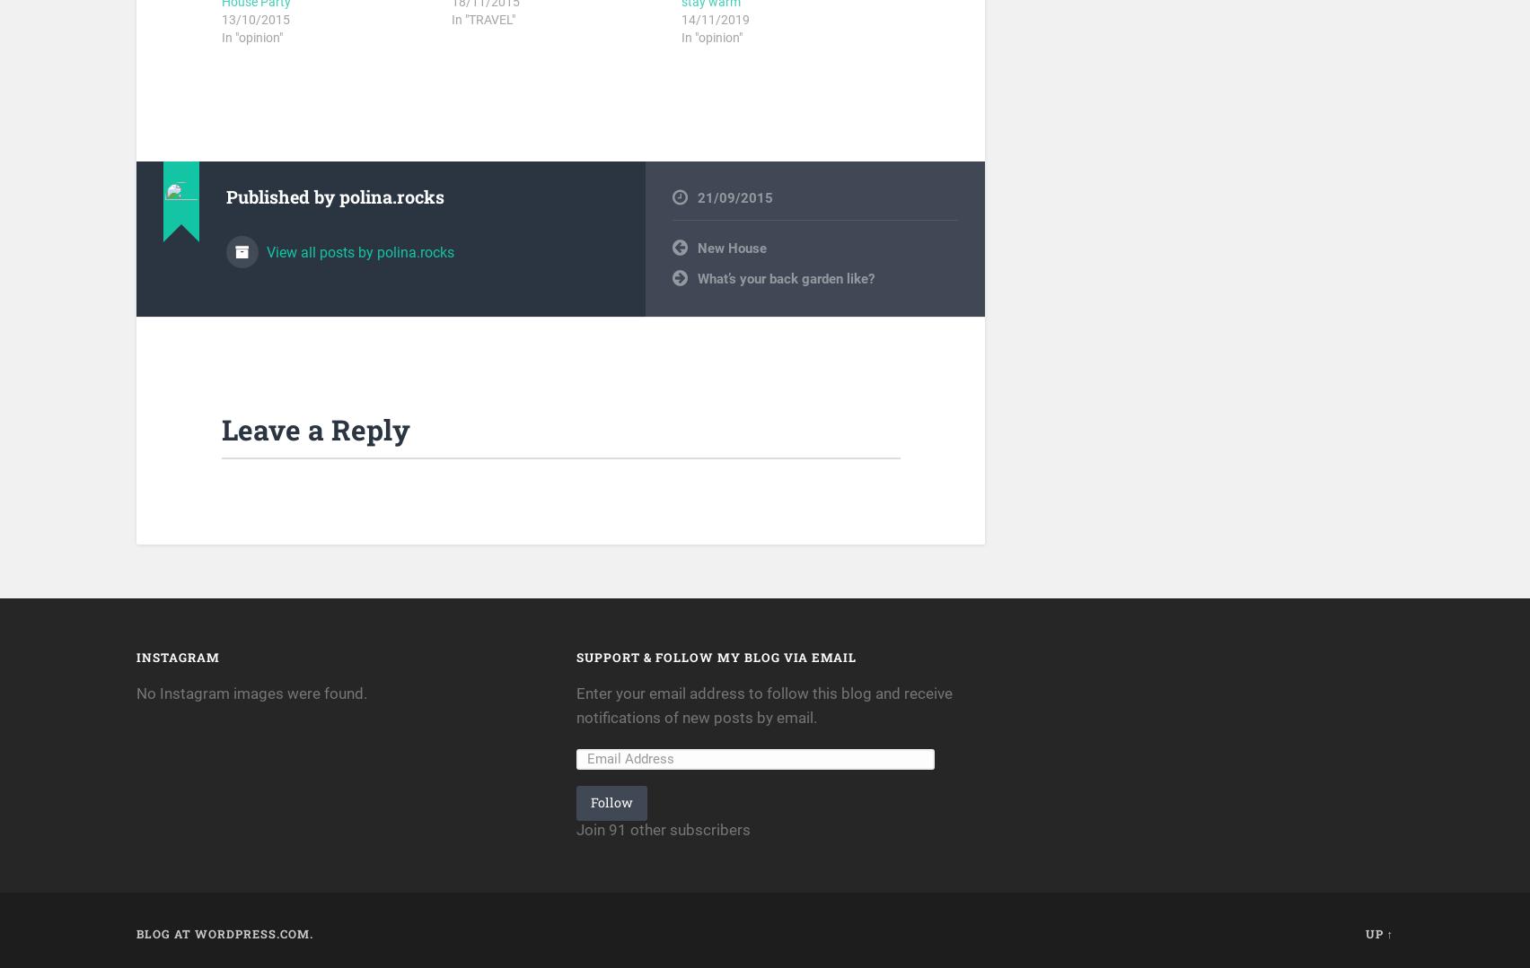 This screenshot has width=1530, height=968. I want to click on 'Blog at WordPress.com.', so click(224, 932).